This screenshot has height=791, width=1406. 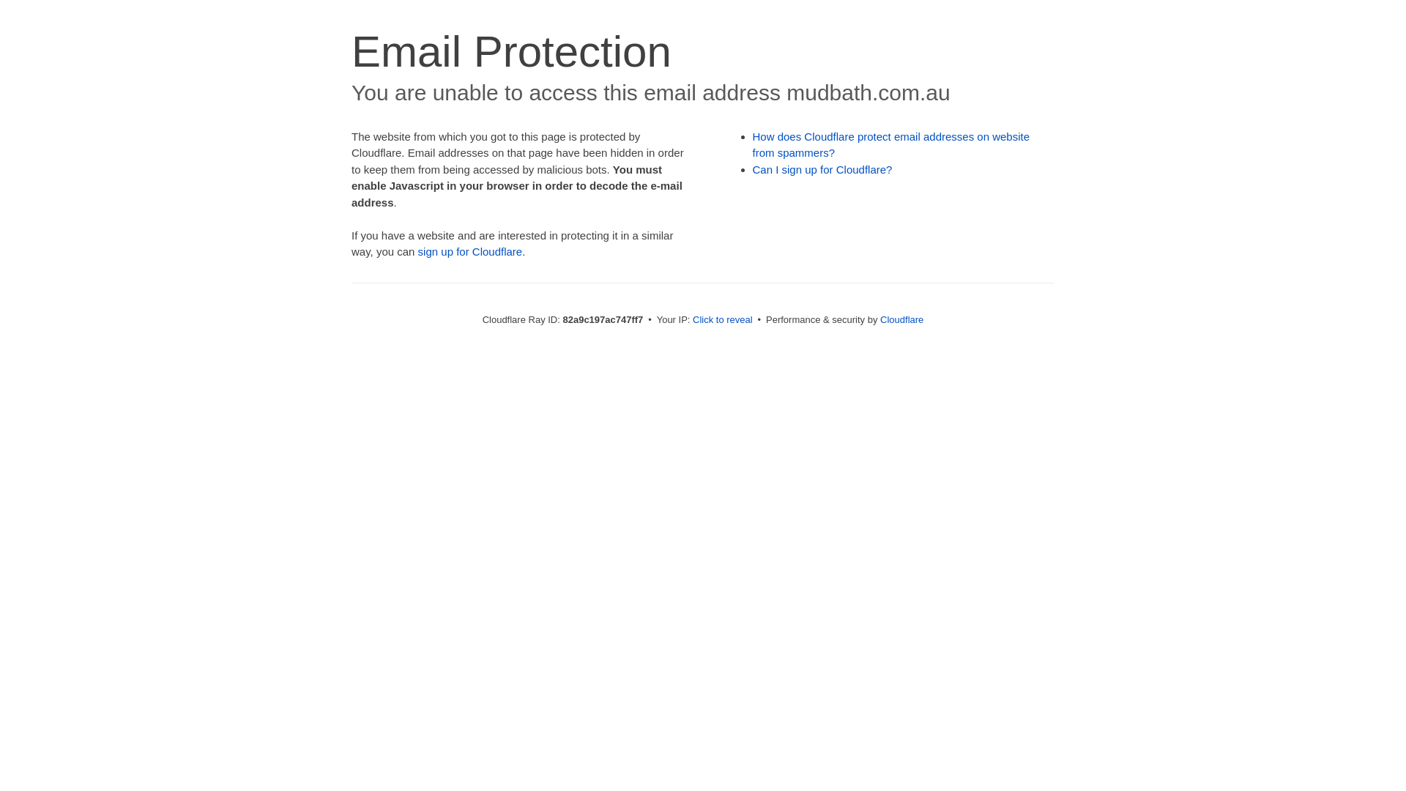 What do you see at coordinates (822, 168) in the screenshot?
I see `'Can I sign up for Cloudflare?'` at bounding box center [822, 168].